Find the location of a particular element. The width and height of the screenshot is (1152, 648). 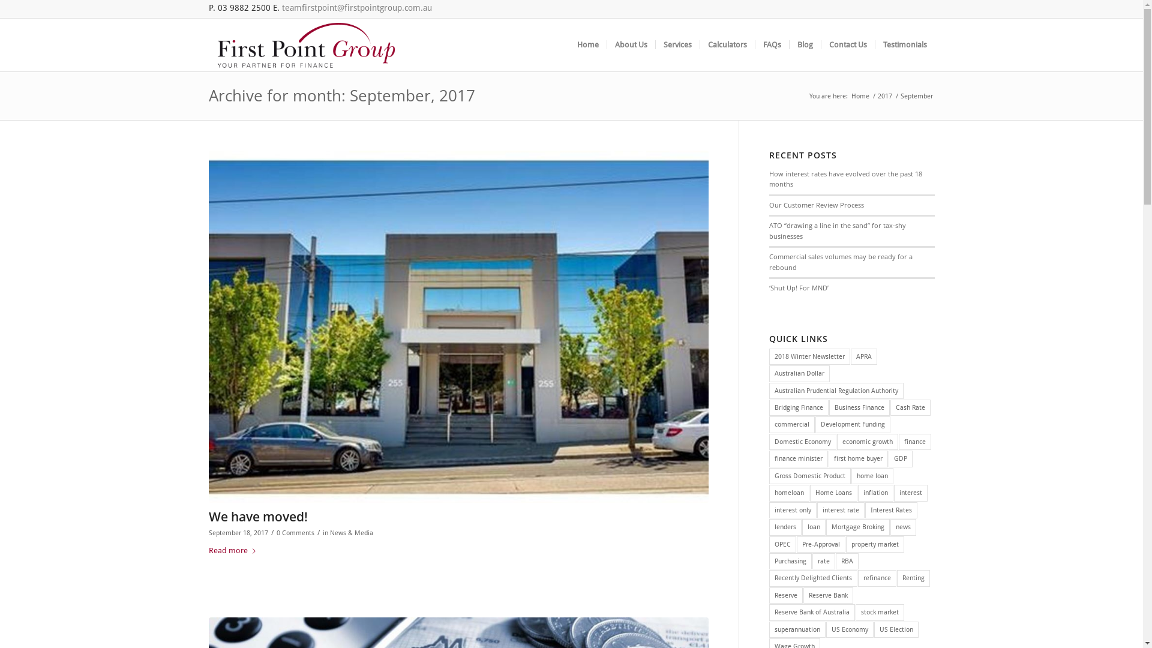

'stock market' is located at coordinates (880, 612).